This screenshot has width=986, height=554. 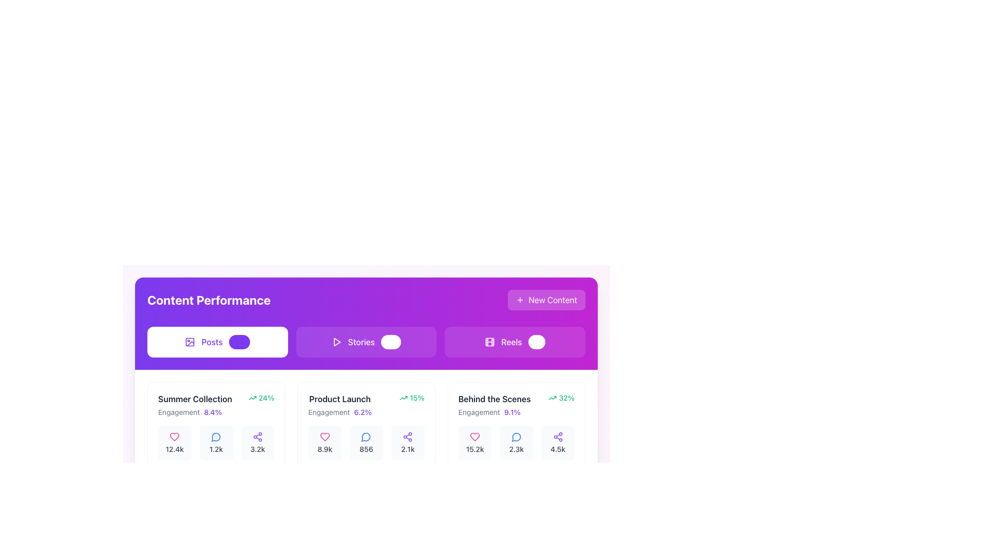 I want to click on the text label displaying 'Stories' within the purple button, which is located between the 'Posts' and 'Reels' toggle buttons, so click(x=361, y=342).